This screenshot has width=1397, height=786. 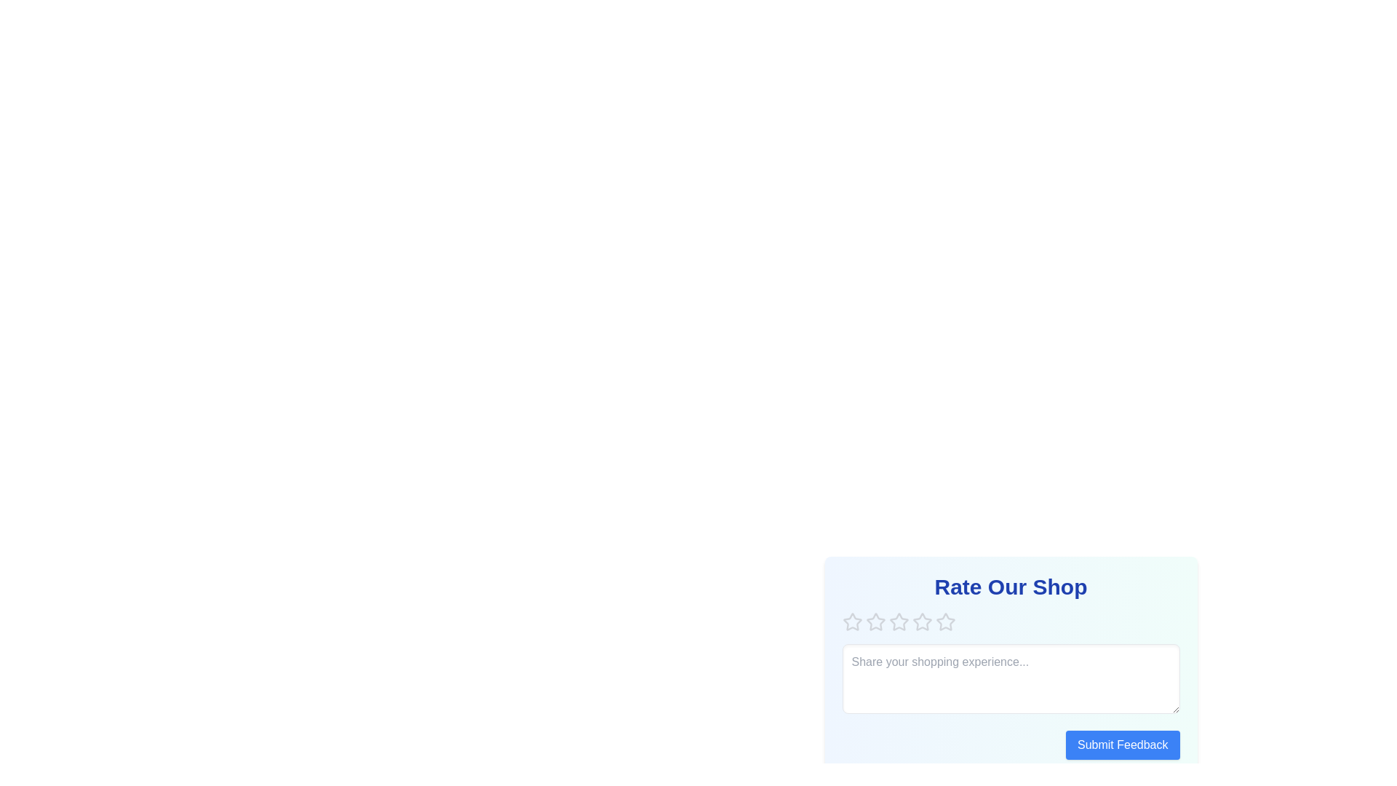 What do you see at coordinates (921, 622) in the screenshot?
I see `the star corresponding to 4 to preview the rating` at bounding box center [921, 622].